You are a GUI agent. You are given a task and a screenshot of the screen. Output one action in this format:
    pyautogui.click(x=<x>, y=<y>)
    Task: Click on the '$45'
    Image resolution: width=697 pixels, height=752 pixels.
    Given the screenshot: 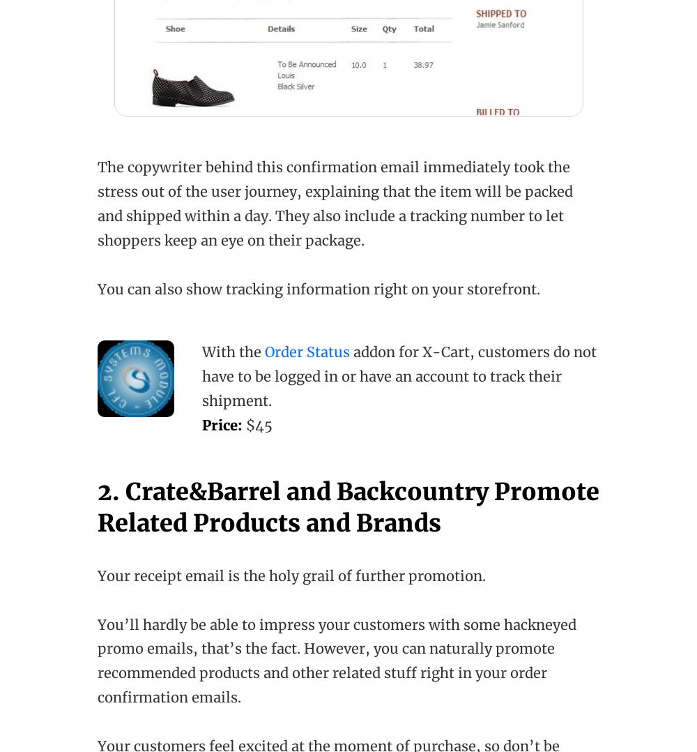 What is the action you would take?
    pyautogui.click(x=256, y=424)
    